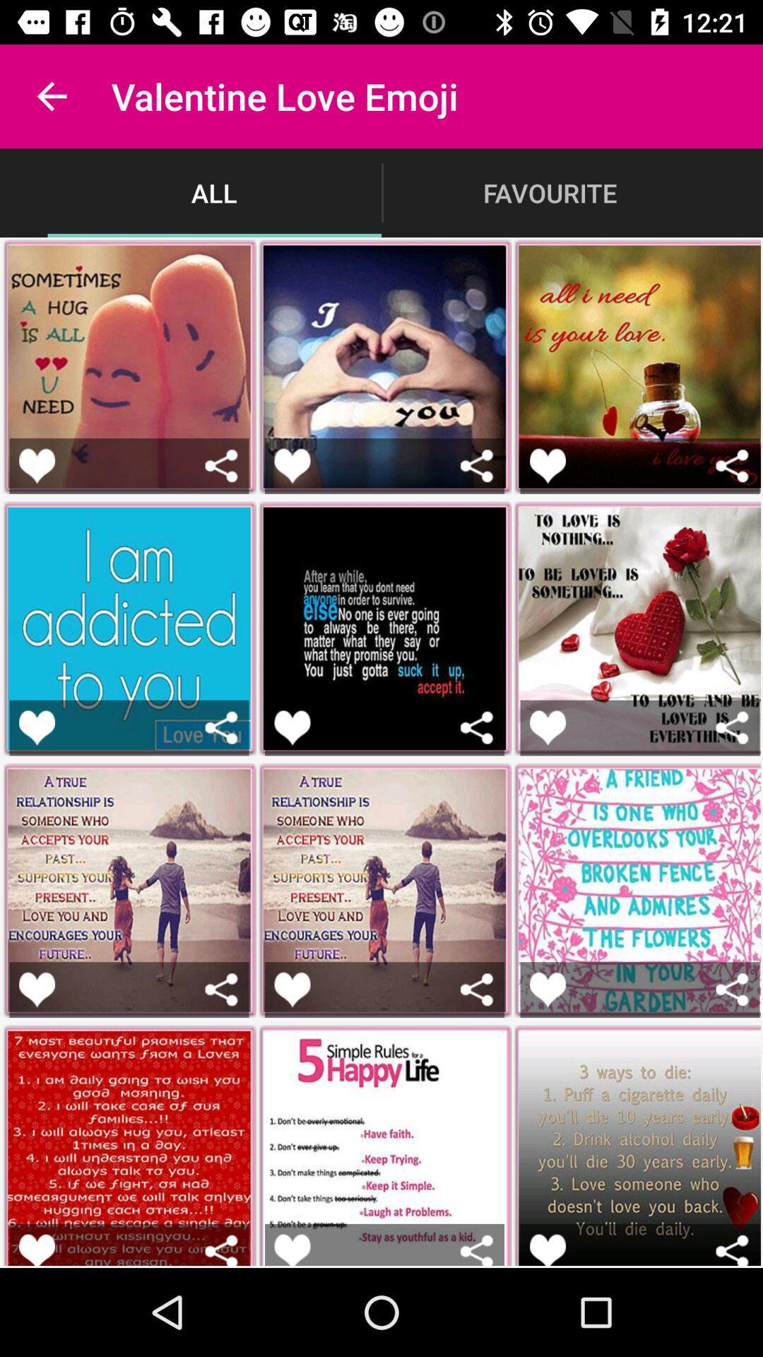 This screenshot has height=1357, width=763. What do you see at coordinates (731, 989) in the screenshot?
I see `share button` at bounding box center [731, 989].